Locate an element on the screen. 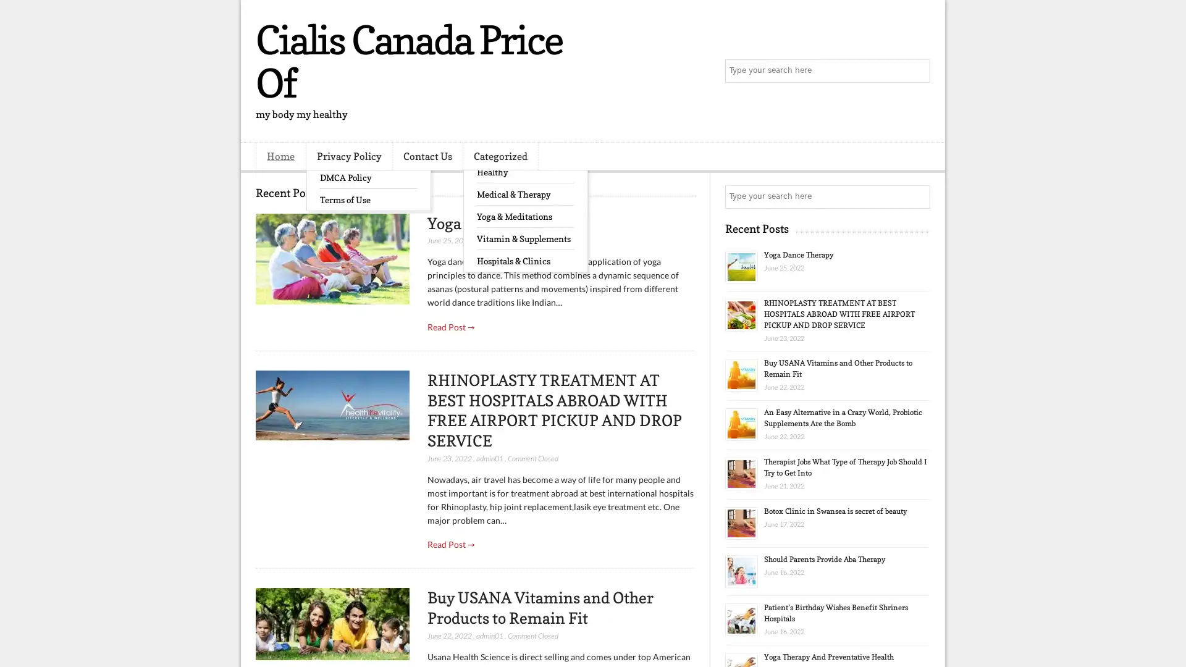 Image resolution: width=1186 pixels, height=667 pixels. Search is located at coordinates (917, 196).